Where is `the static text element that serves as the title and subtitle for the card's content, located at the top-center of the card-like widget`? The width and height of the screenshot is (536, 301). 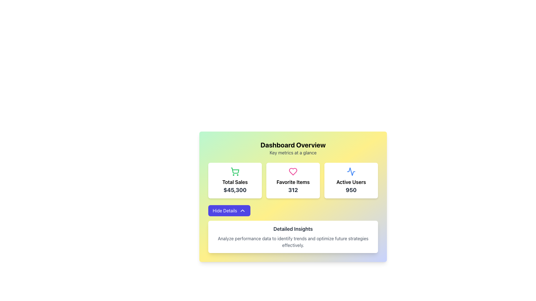 the static text element that serves as the title and subtitle for the card's content, located at the top-center of the card-like widget is located at coordinates (293, 148).